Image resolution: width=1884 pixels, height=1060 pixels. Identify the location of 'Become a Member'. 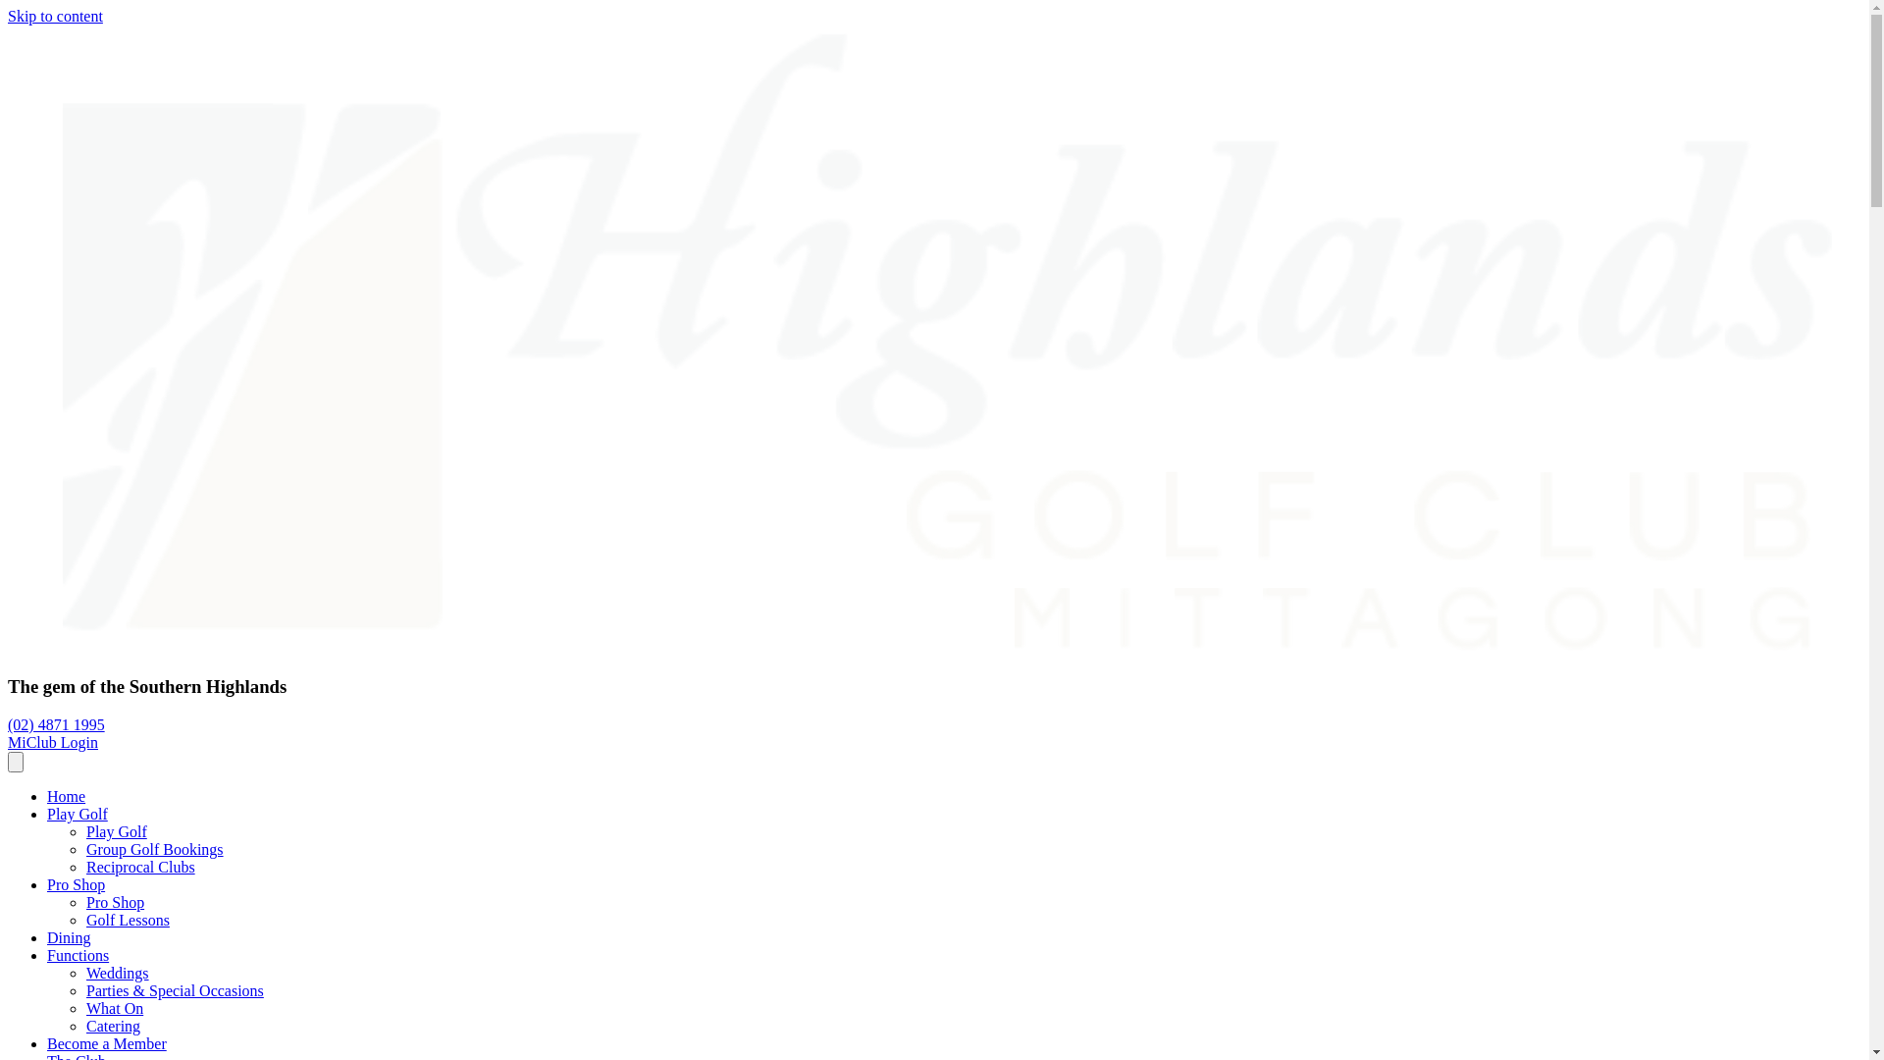
(106, 1042).